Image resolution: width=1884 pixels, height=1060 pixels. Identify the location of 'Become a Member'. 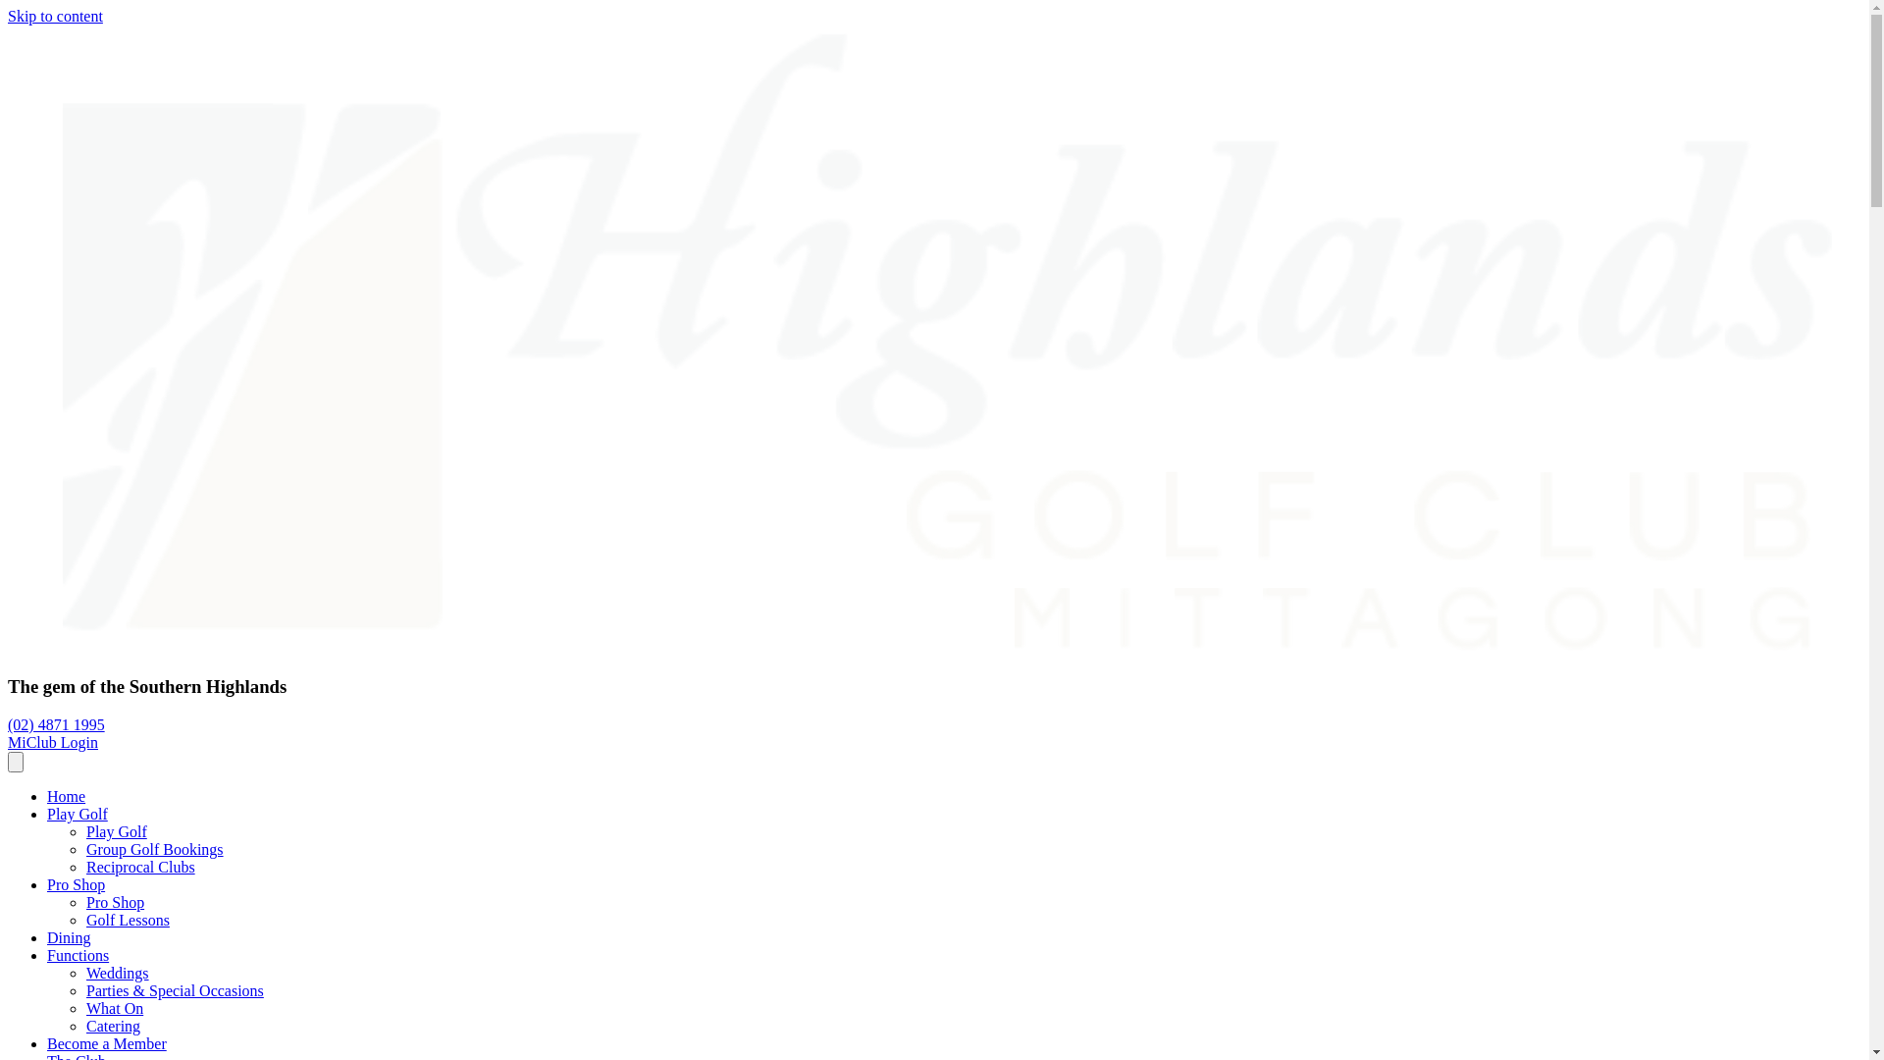
(106, 1042).